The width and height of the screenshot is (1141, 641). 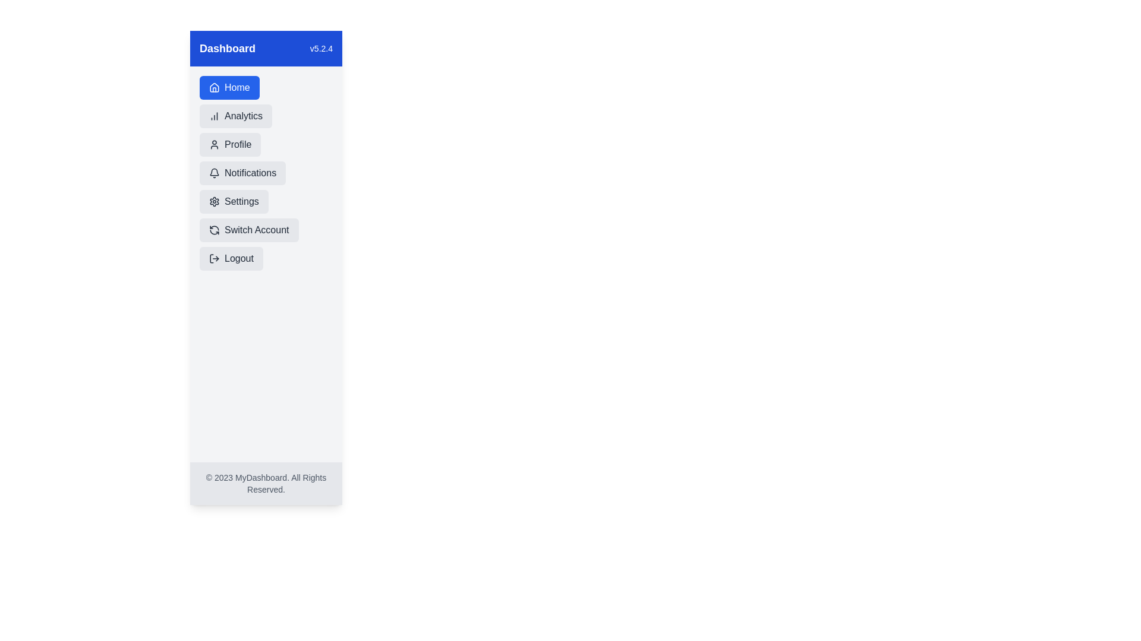 What do you see at coordinates (214, 230) in the screenshot?
I see `the circular refresh icon located to the left of the 'Switch Account' text in the vertical menu` at bounding box center [214, 230].